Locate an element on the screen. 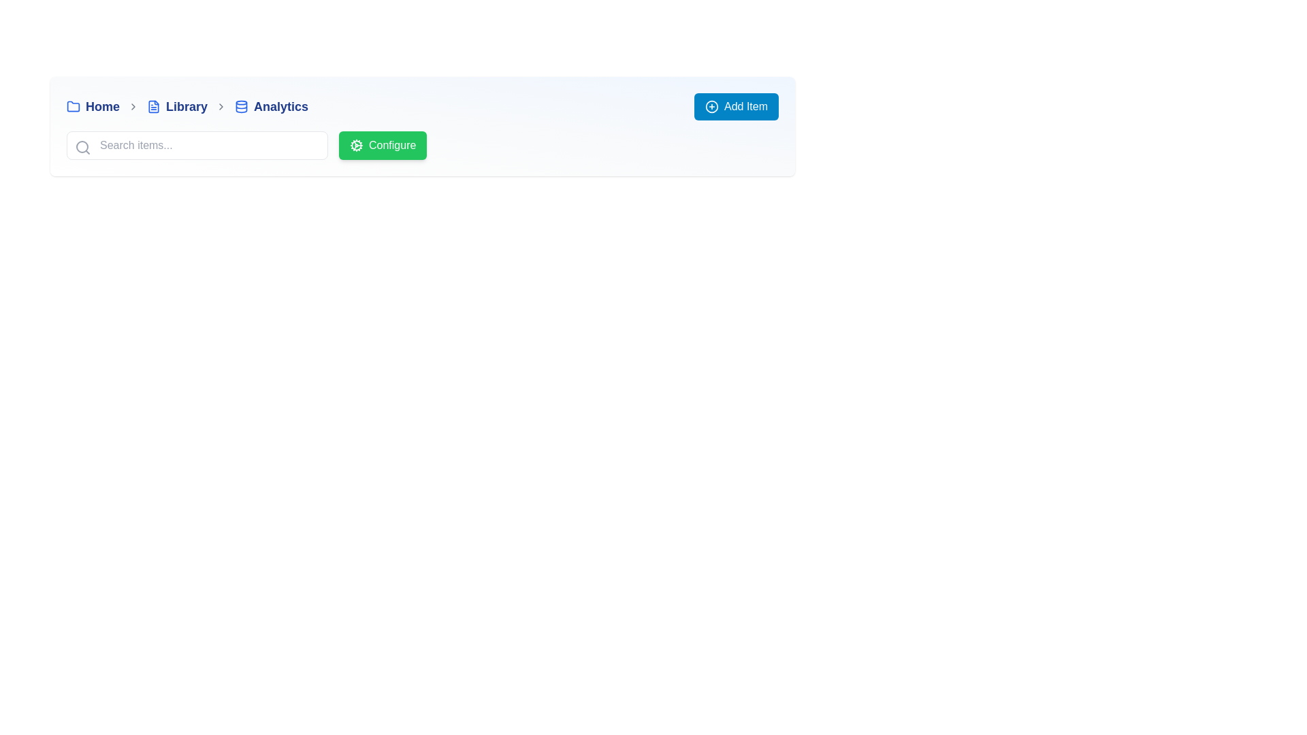 This screenshot has width=1307, height=735. the blue-colored folder icon located to the left of the 'Home' text in the breadcrumb navigation area is located at coordinates (73, 106).